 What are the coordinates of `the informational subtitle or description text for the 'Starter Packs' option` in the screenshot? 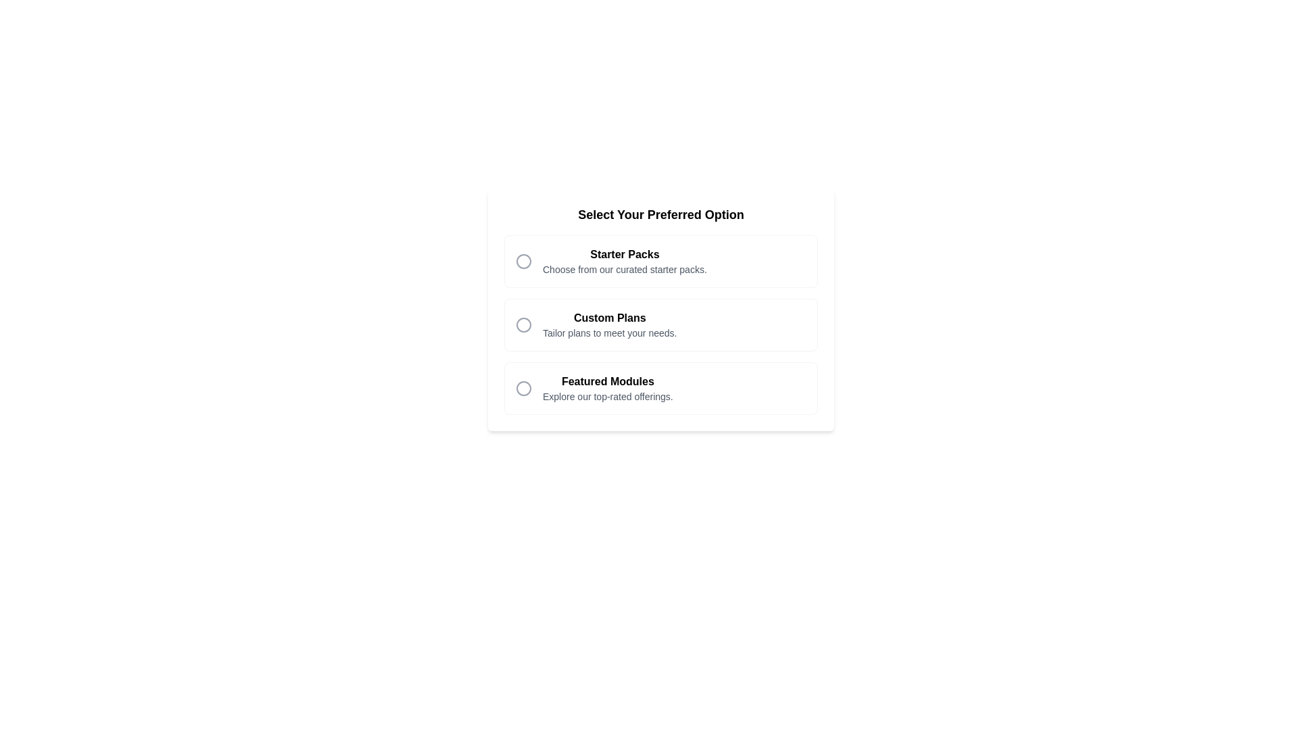 It's located at (624, 269).